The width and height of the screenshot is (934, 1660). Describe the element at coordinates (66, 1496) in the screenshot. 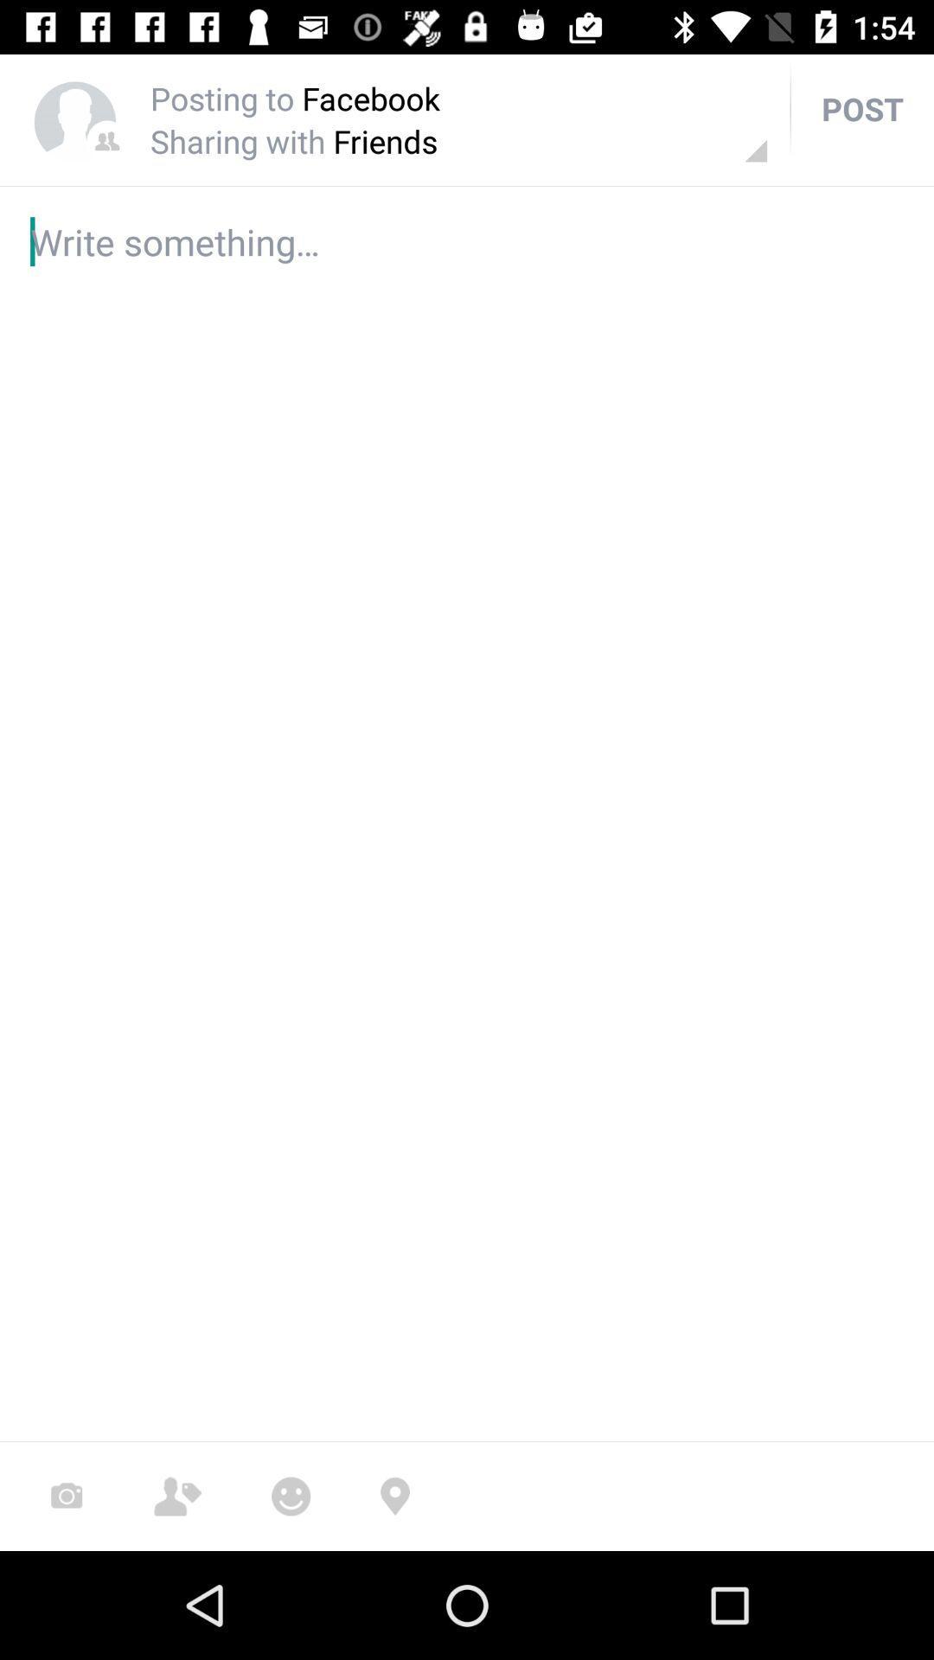

I see `the photo icon` at that location.